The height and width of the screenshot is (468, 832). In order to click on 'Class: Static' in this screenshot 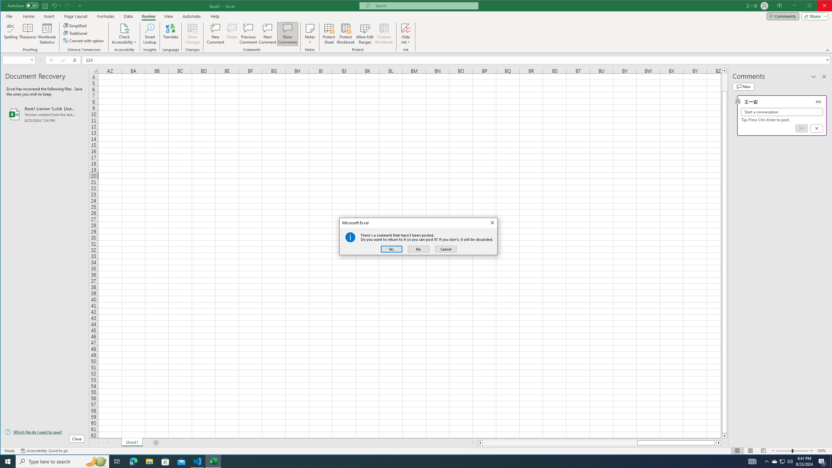, I will do `click(350, 237)`.